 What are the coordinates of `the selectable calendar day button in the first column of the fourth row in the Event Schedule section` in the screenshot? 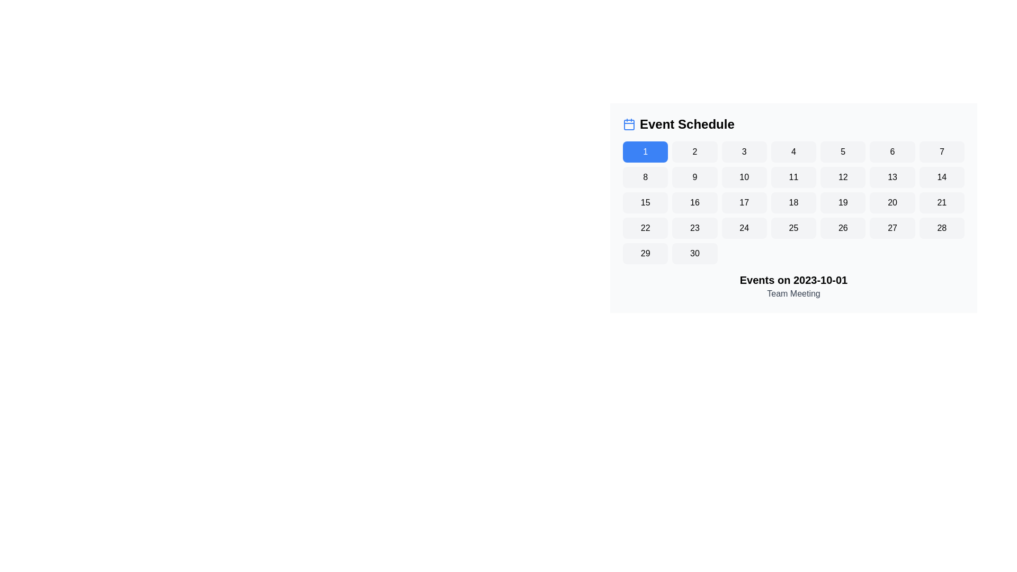 It's located at (645, 228).